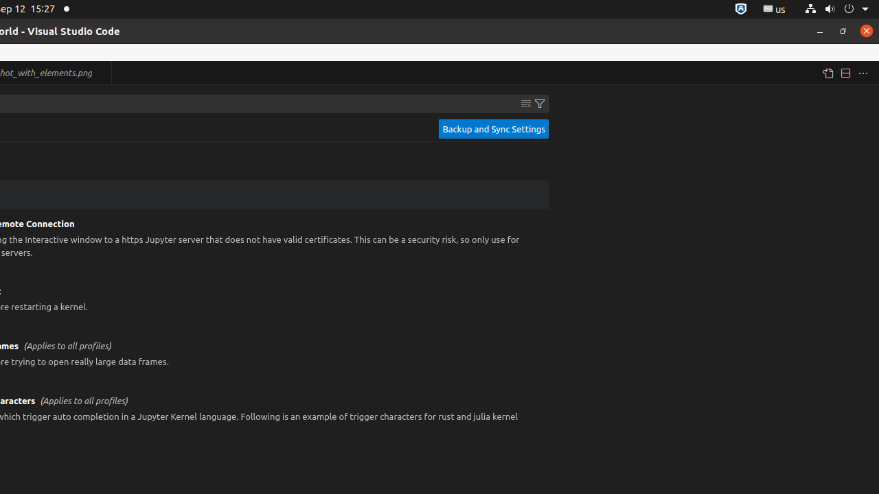  What do you see at coordinates (525, 102) in the screenshot?
I see `'Clear Settings Search Input'` at bounding box center [525, 102].